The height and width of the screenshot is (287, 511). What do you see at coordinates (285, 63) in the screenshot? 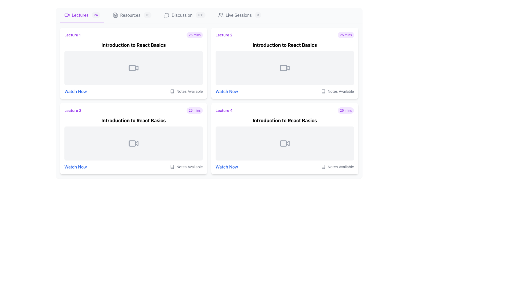
I see `the second card element in the grid layout, which features a white rounded-corner design with a purple label 'Lecture 2' and a blue link labeled 'Watch Now'` at bounding box center [285, 63].